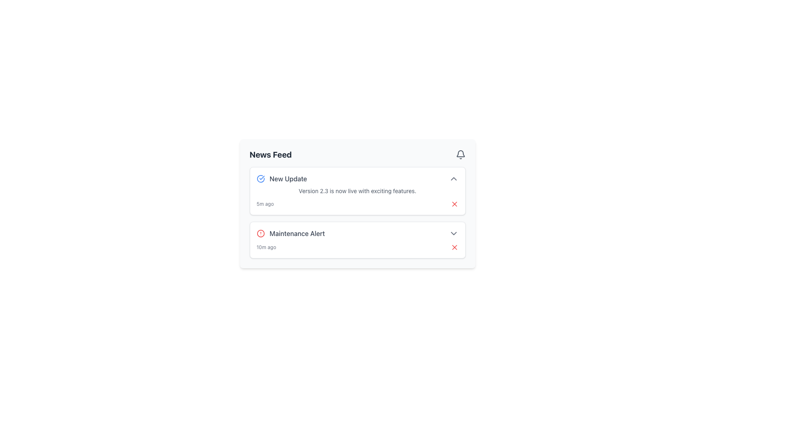  Describe the element at coordinates (357, 191) in the screenshot. I see `the informational Text Label located at the bottom-center of the 'New Update' announcement card, which displays update details above the timestamp '5m ago'` at that location.